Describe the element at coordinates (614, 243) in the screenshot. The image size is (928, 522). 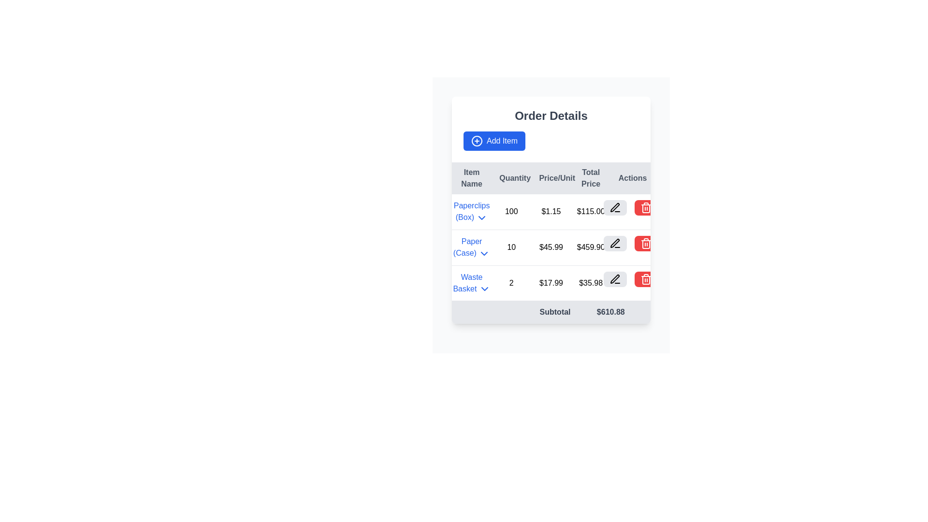
I see `the edit button with a gray background and a pen icon in the 'Actions' column for the 'Paper (Case)' item` at that location.